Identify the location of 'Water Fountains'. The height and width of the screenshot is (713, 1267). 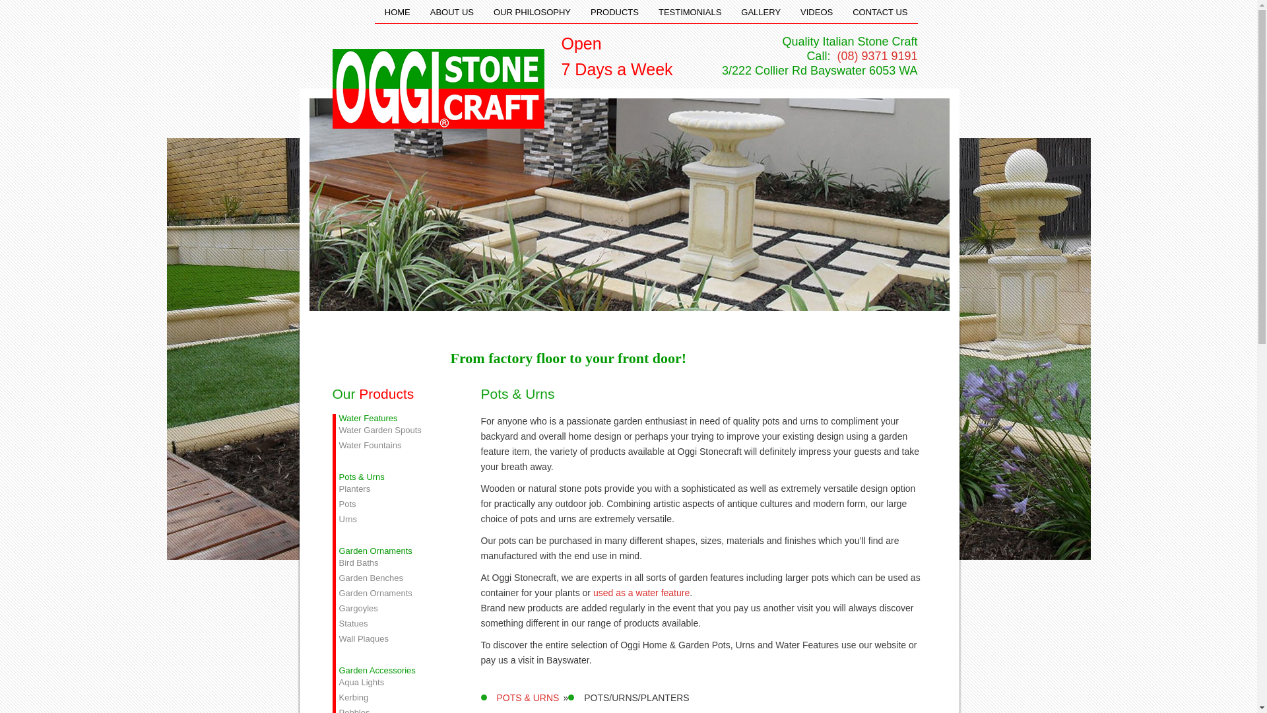
(393, 445).